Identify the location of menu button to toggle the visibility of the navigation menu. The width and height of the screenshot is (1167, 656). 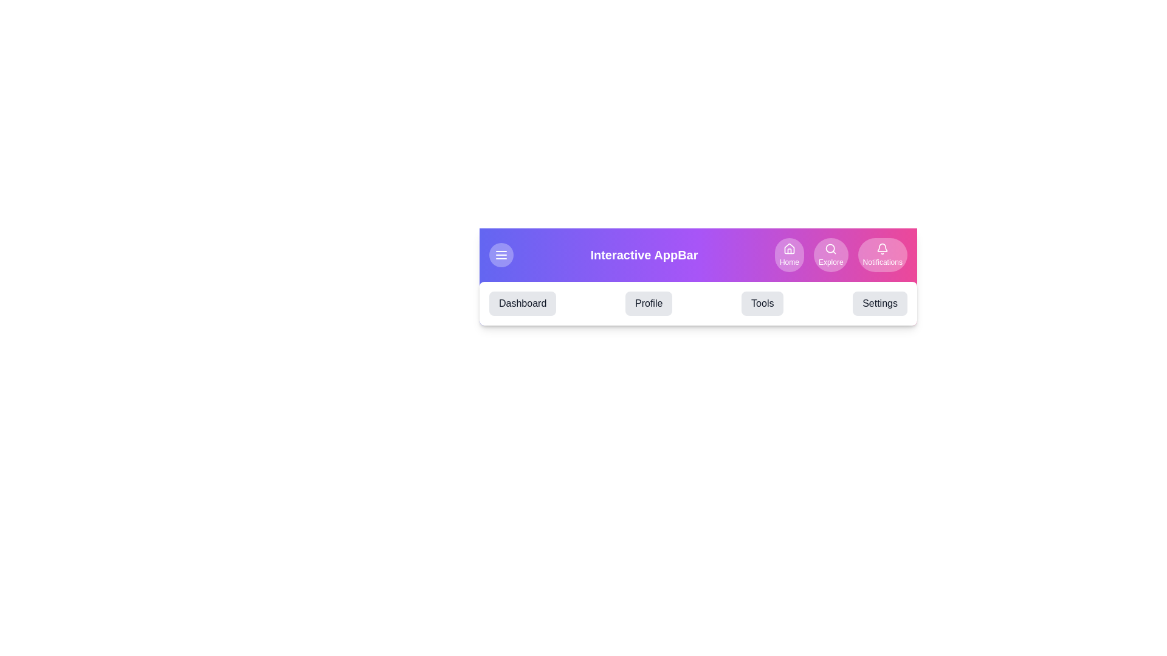
(501, 255).